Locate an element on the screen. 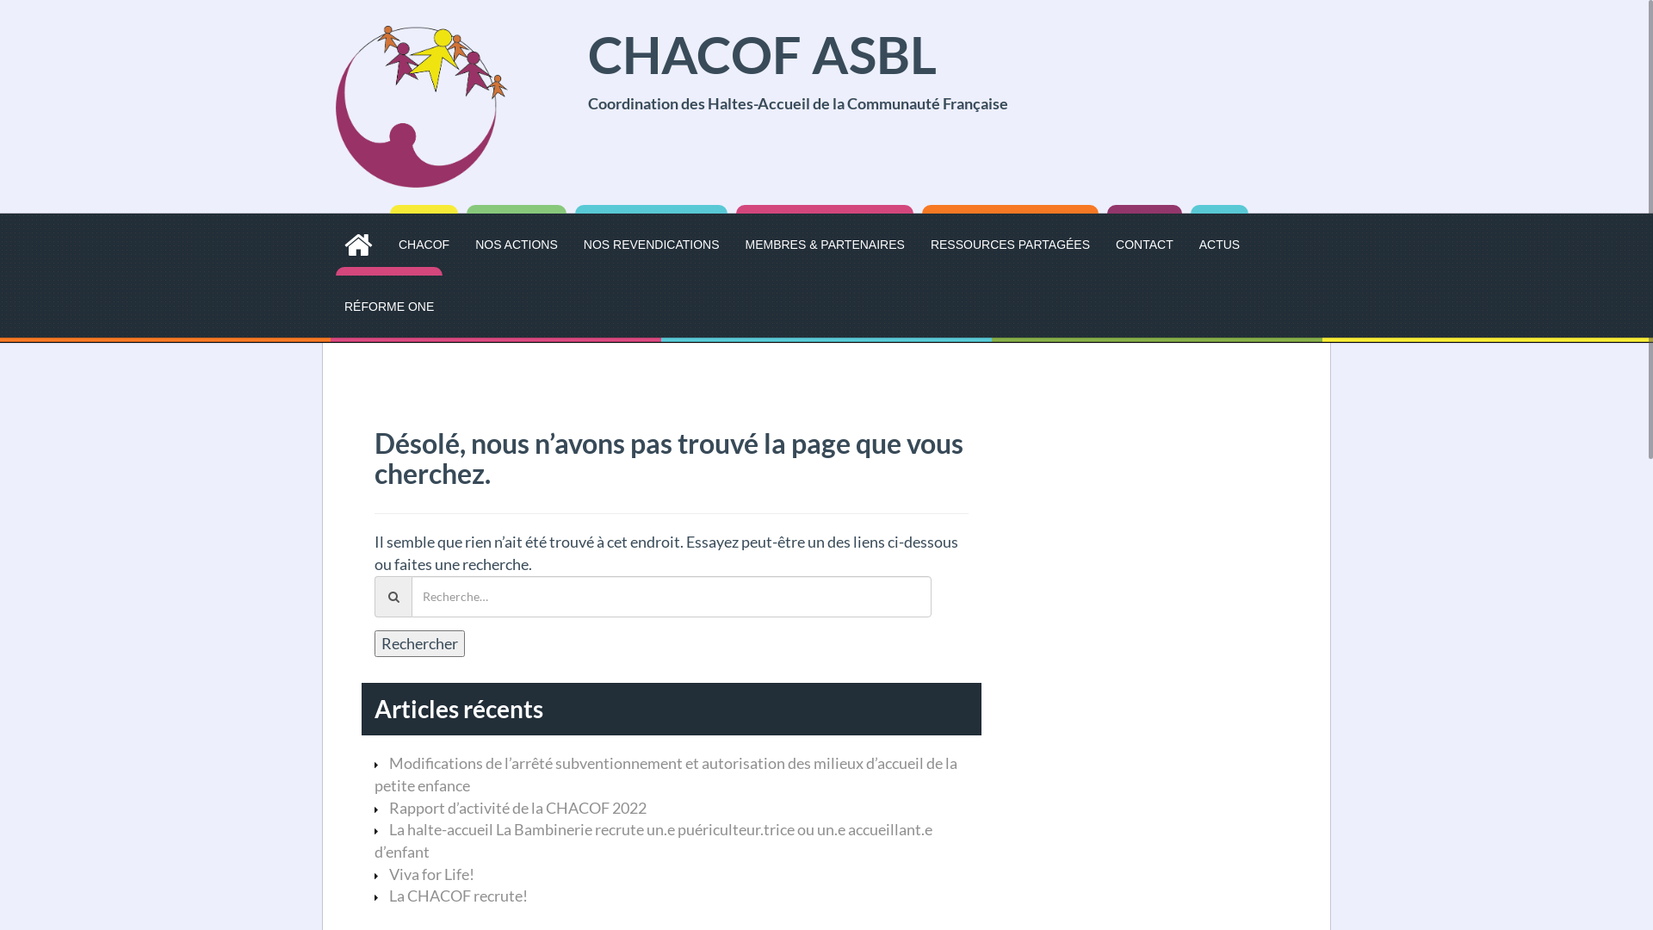 The width and height of the screenshot is (1653, 930). 'CONTACT' is located at coordinates (1116, 245).